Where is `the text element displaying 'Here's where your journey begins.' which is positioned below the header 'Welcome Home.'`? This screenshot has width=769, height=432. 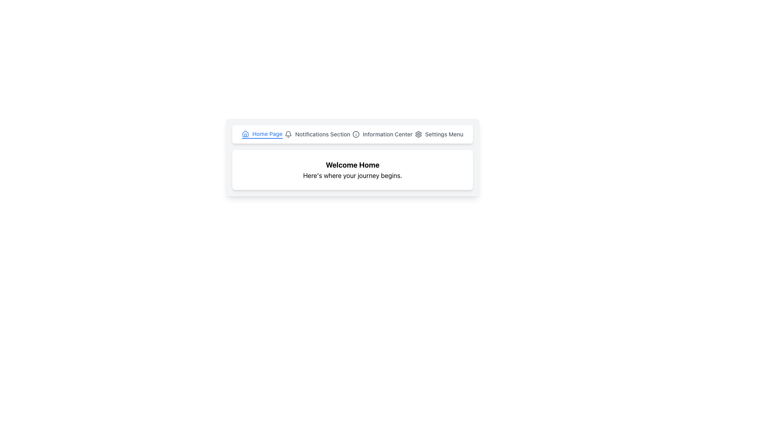 the text element displaying 'Here's where your journey begins.' which is positioned below the header 'Welcome Home.' is located at coordinates (352, 175).